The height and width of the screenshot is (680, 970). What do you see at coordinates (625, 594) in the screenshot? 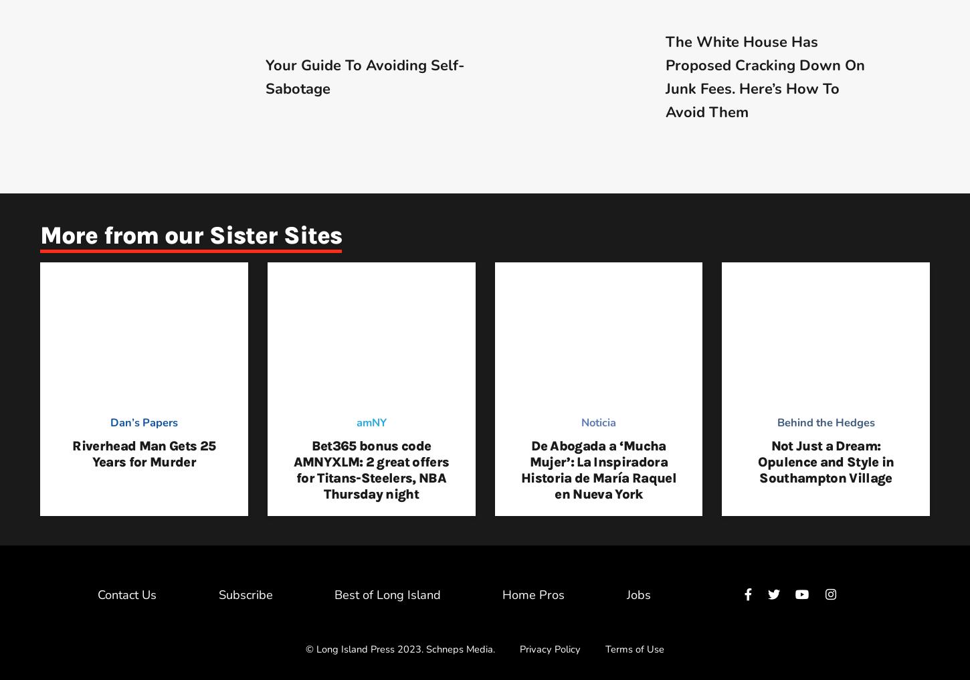
I see `'Jobs'` at bounding box center [625, 594].